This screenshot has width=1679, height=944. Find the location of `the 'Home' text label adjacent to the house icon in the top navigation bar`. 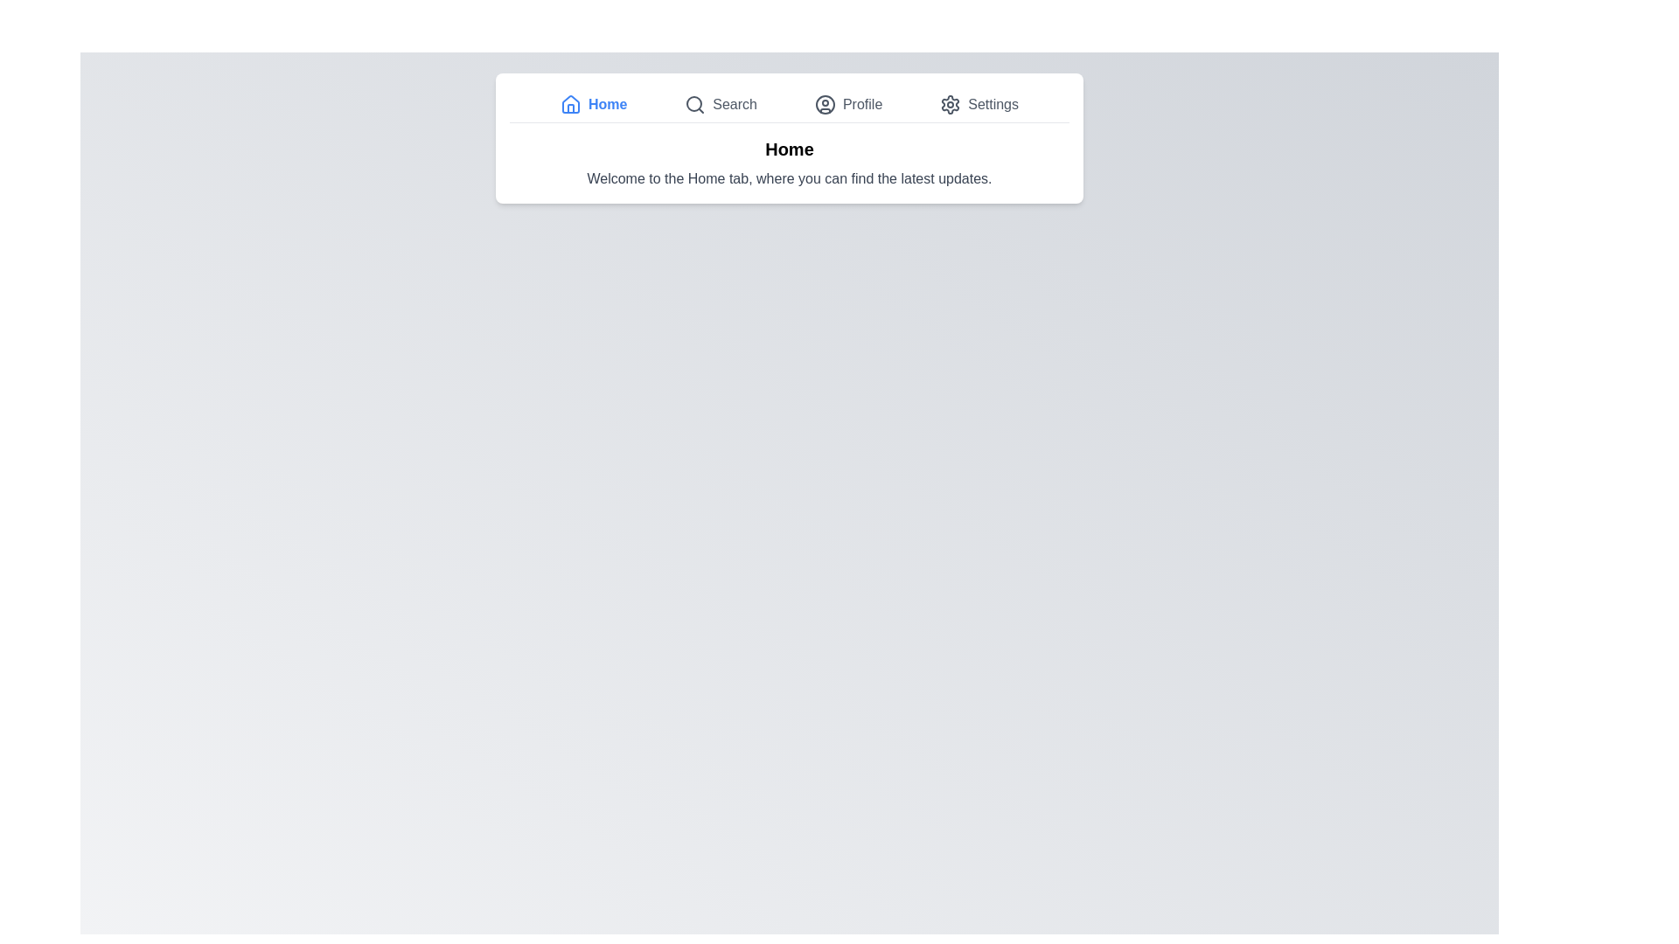

the 'Home' text label adjacent to the house icon in the top navigation bar is located at coordinates (608, 104).